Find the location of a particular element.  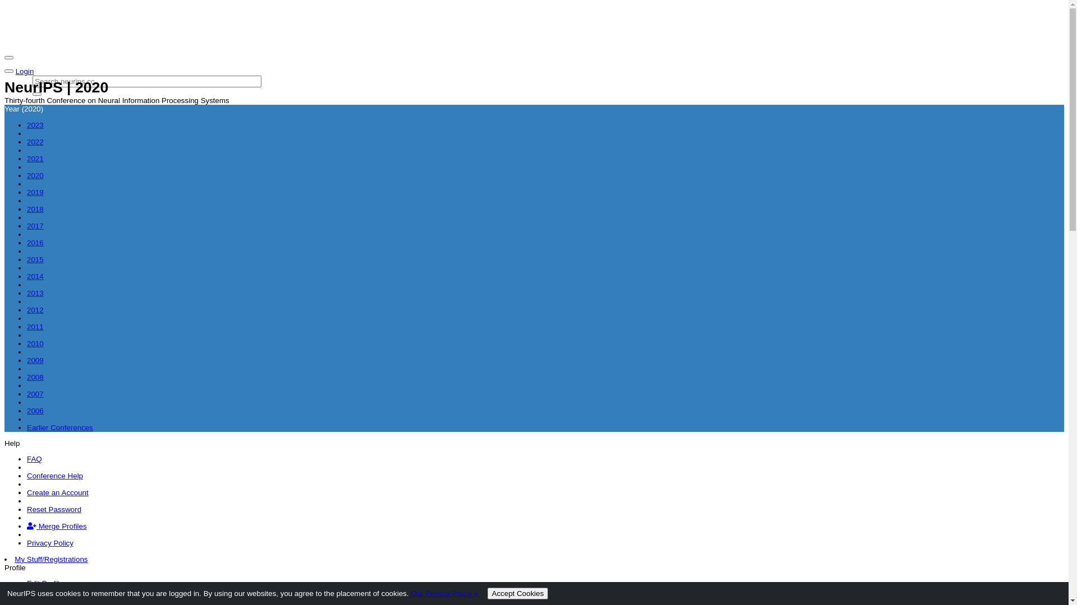

'2017' is located at coordinates (35, 226).